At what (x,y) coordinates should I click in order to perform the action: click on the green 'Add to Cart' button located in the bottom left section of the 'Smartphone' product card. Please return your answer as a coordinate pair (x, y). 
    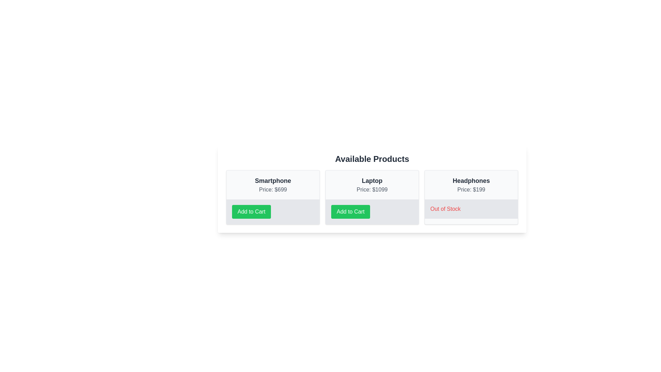
    Looking at the image, I should click on (251, 211).